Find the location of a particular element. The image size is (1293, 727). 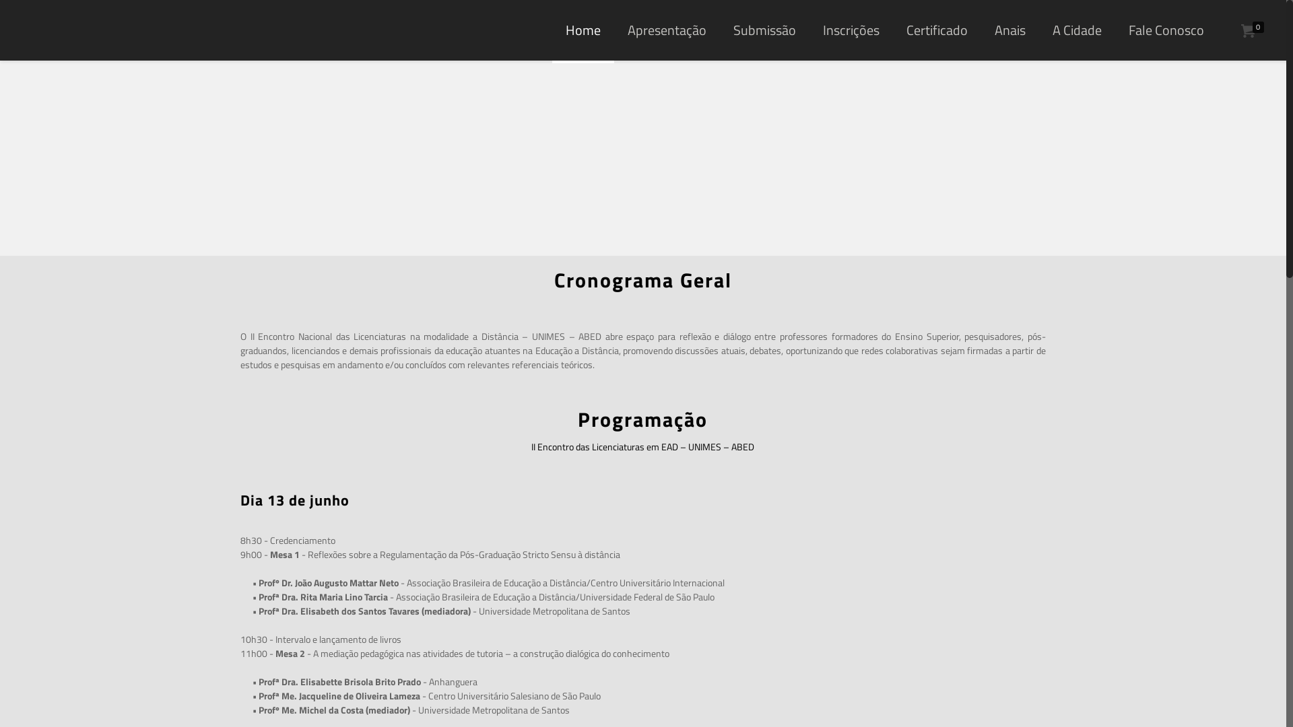

'0' is located at coordinates (1253, 30).